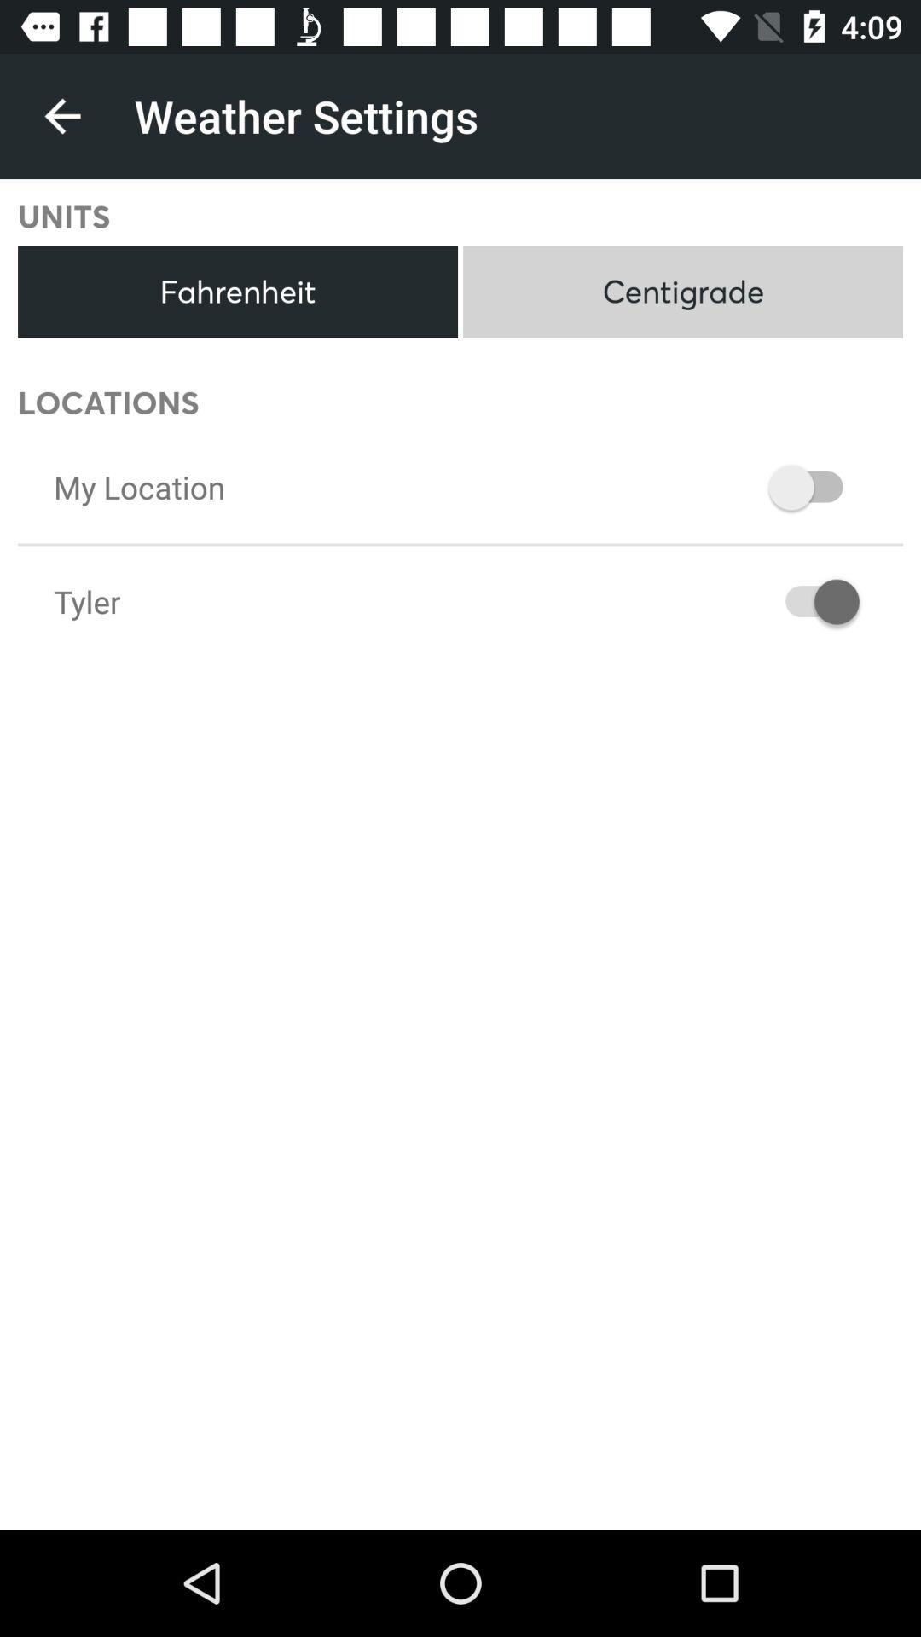 The image size is (921, 1637). Describe the element at coordinates (138, 486) in the screenshot. I see `my location icon` at that location.